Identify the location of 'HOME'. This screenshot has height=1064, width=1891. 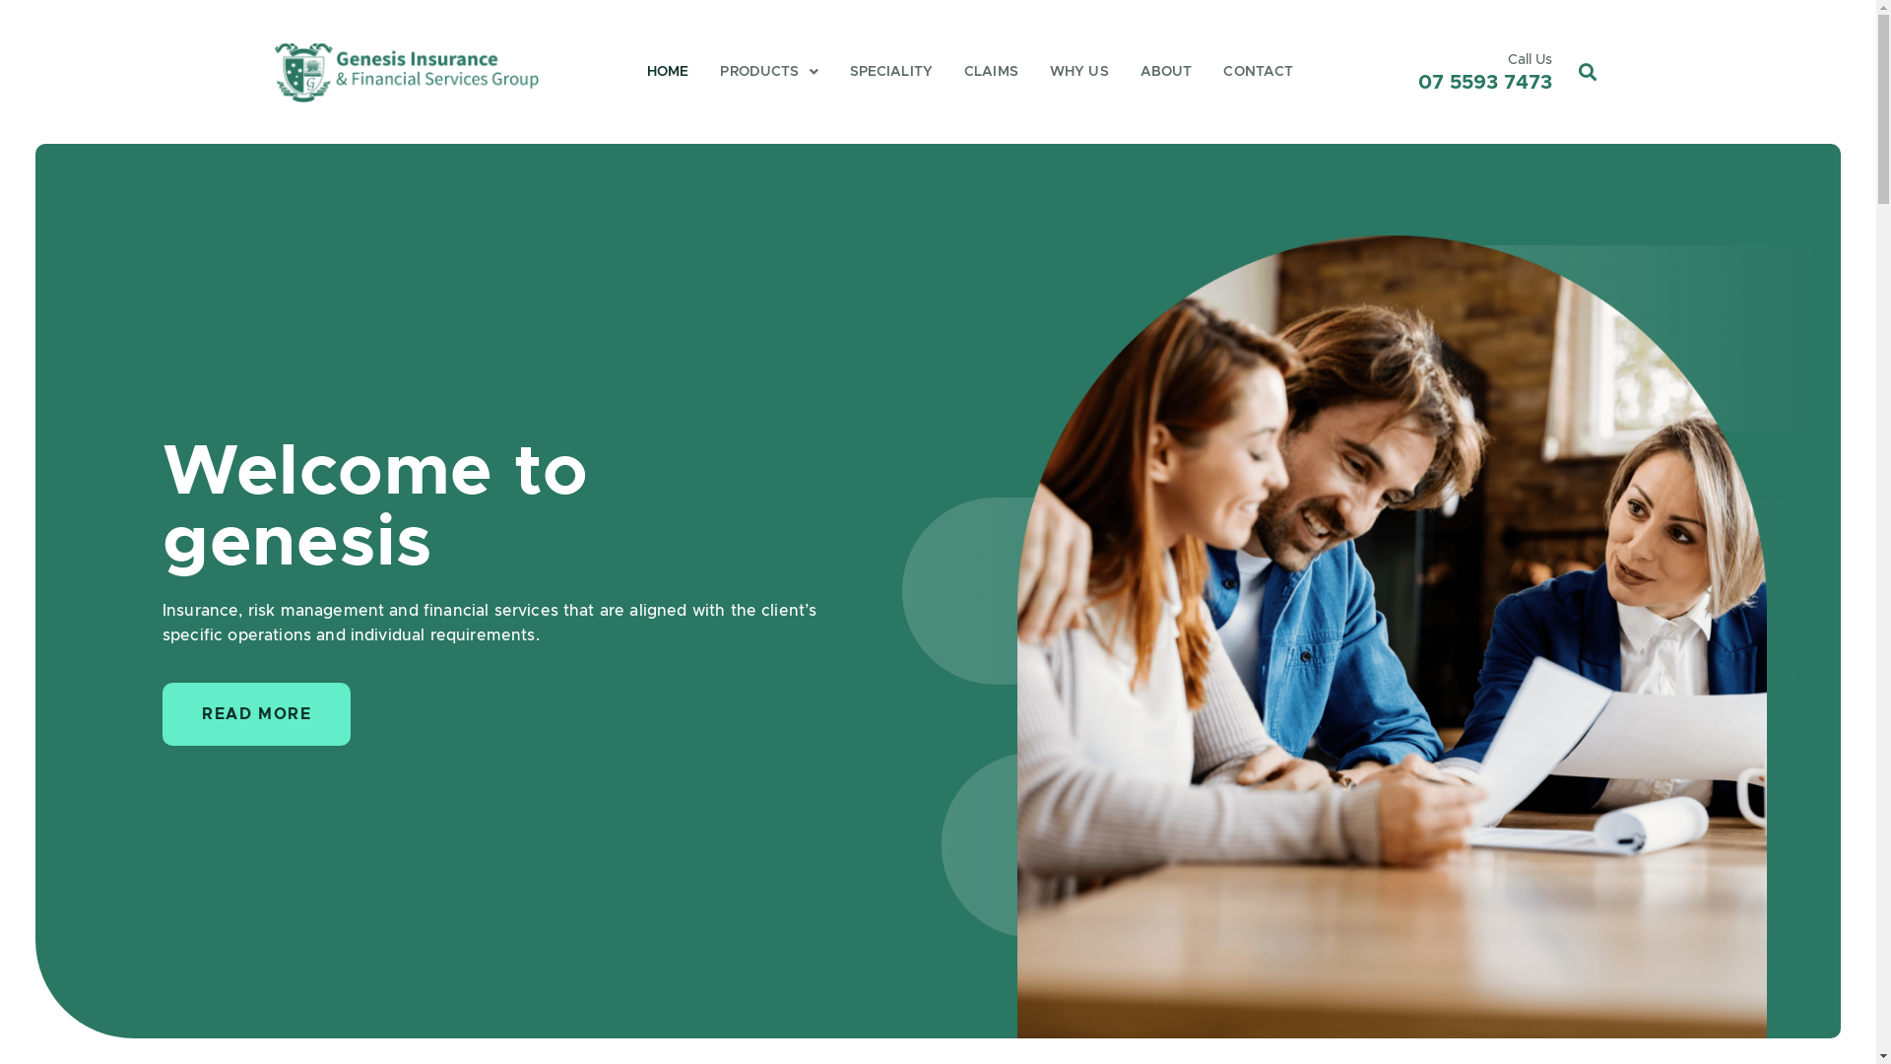
(668, 71).